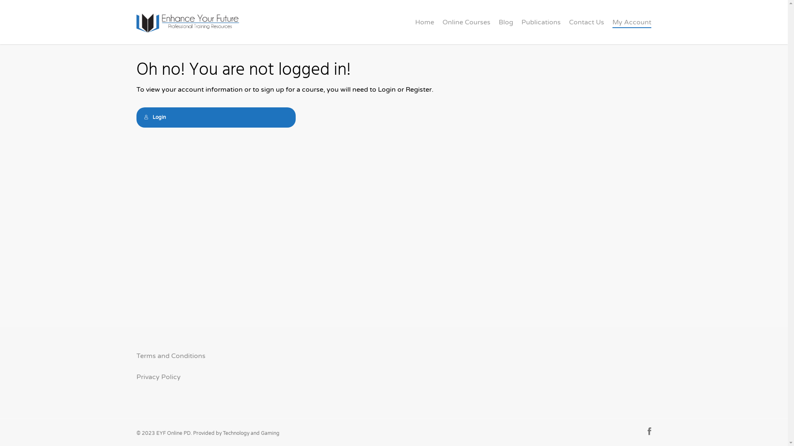 Image resolution: width=794 pixels, height=446 pixels. I want to click on 'Online Courses', so click(466, 22).